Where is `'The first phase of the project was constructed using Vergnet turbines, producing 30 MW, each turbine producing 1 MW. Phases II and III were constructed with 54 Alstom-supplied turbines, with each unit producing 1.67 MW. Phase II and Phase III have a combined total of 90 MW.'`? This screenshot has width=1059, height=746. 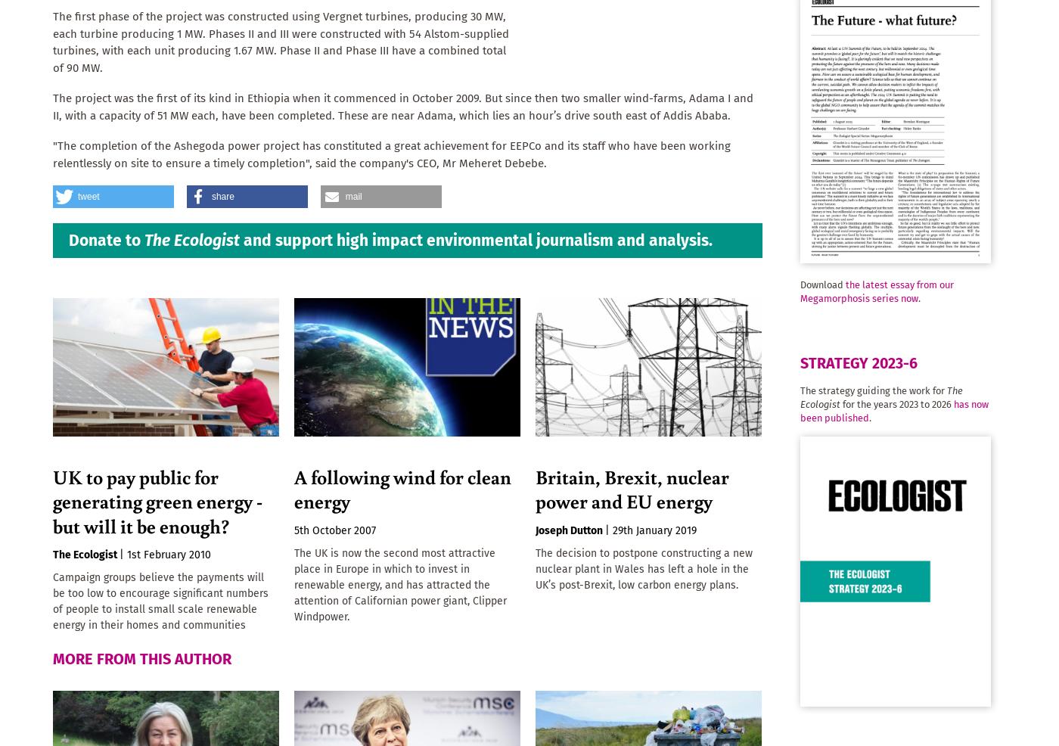
'The first phase of the project was constructed using Vergnet turbines, producing 30 MW, each turbine producing 1 MW. Phases II and III were constructed with 54 Alstom-supplied turbines, with each unit producing 1.67 MW. Phase II and Phase III have a combined total of 90 MW.' is located at coordinates (281, 41).